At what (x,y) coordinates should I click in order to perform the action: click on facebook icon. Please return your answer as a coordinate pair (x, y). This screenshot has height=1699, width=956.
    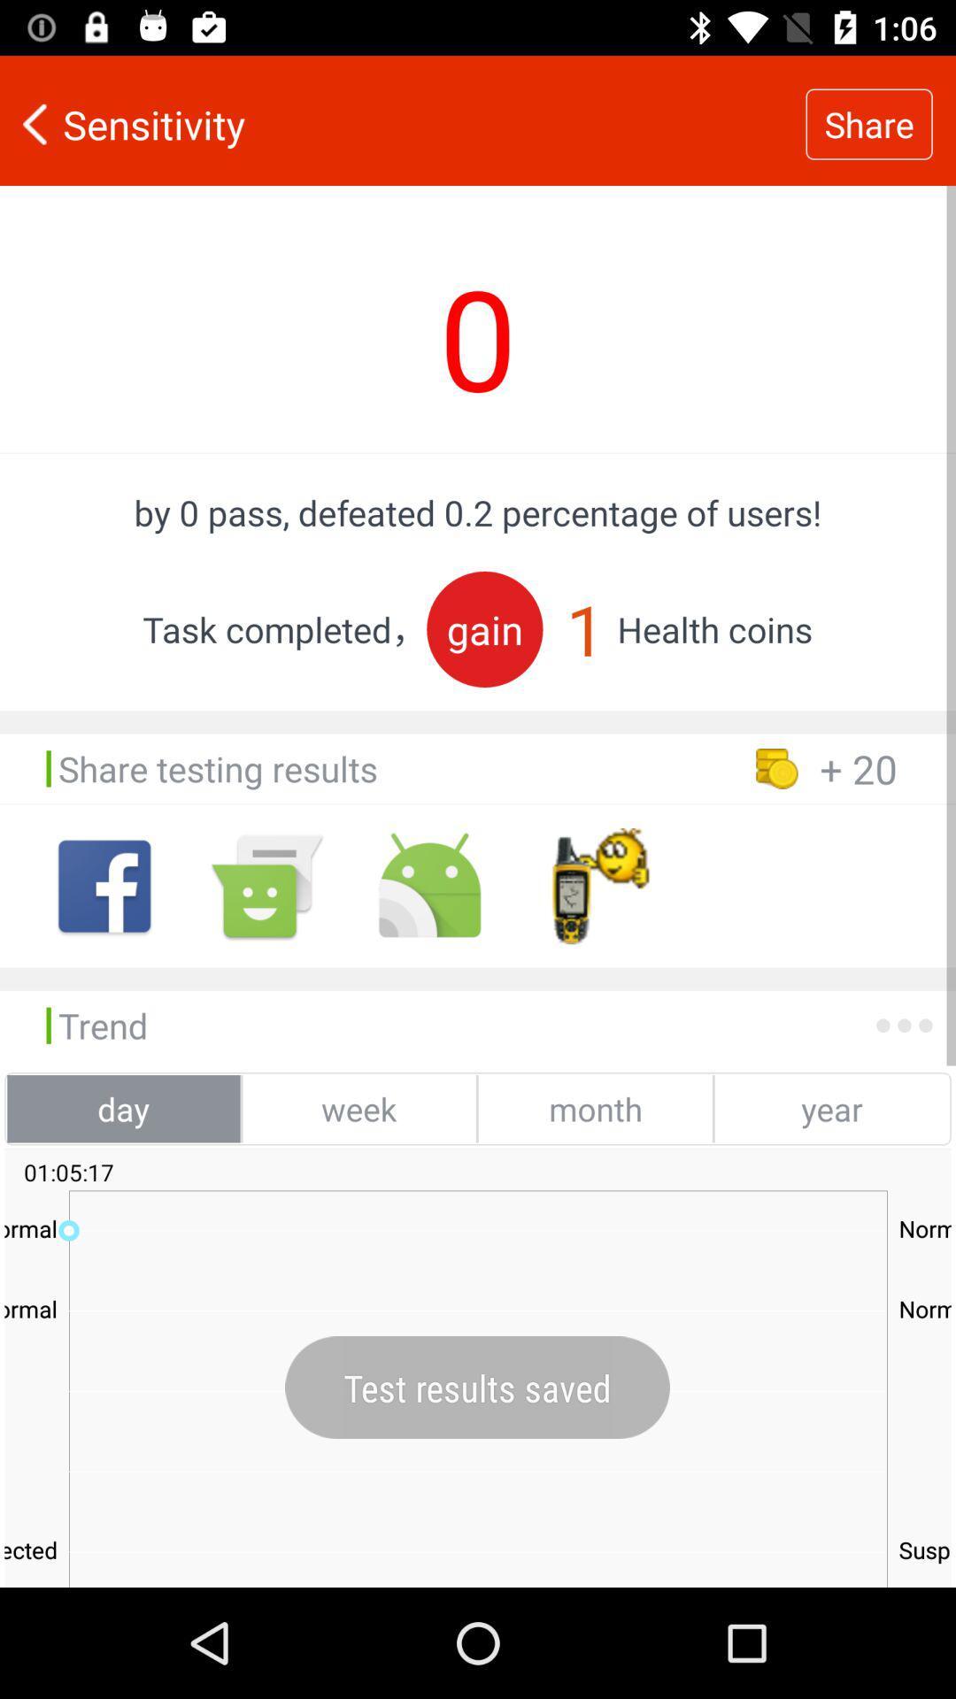
    Looking at the image, I should click on (104, 886).